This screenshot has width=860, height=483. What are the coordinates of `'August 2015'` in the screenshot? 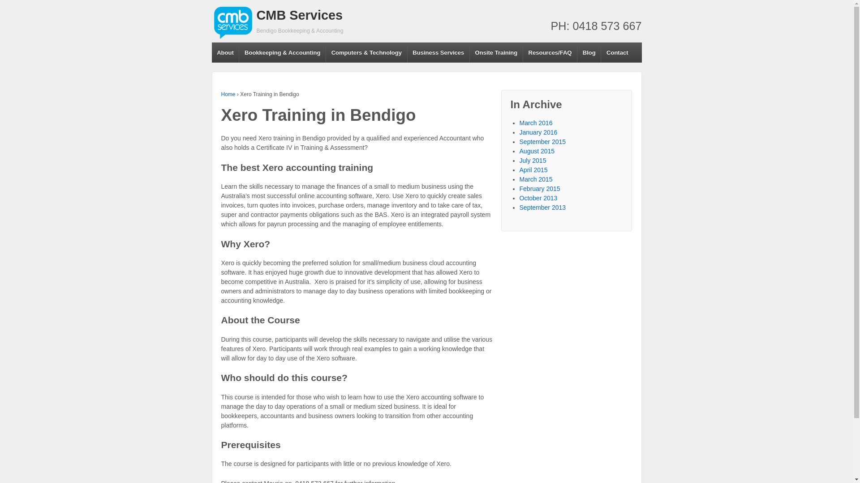 It's located at (520, 151).